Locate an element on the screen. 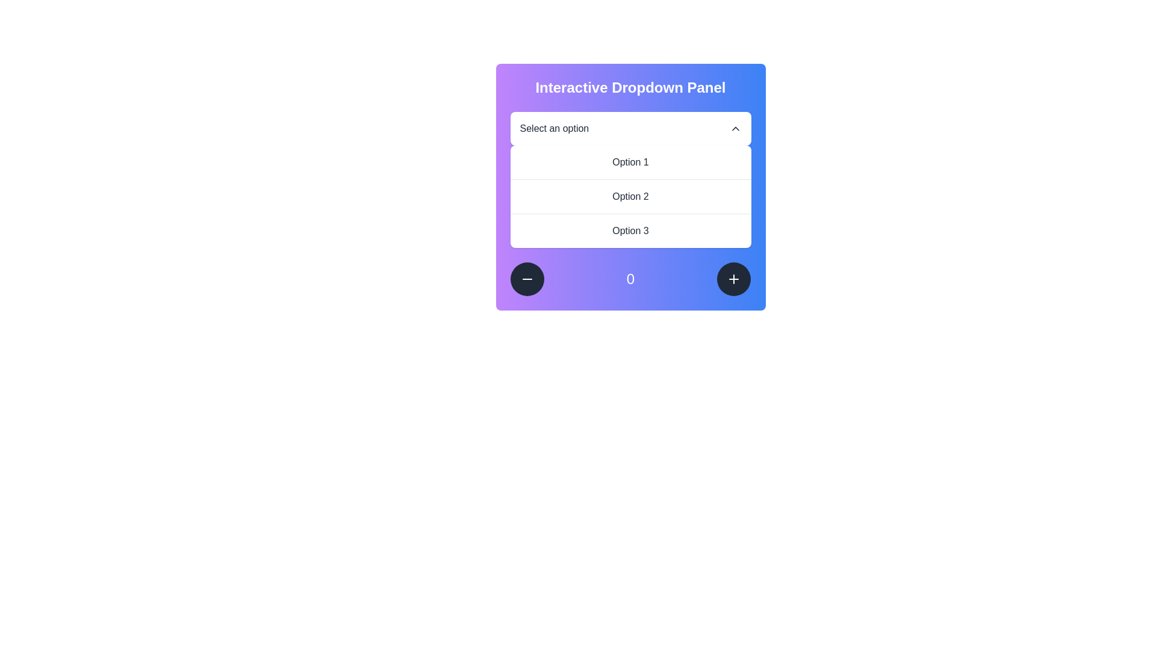 The image size is (1156, 650). the circular dark gray button with a white minus symbol to decrement the value displayed in the numeric display '0' located to its right is located at coordinates (527, 279).